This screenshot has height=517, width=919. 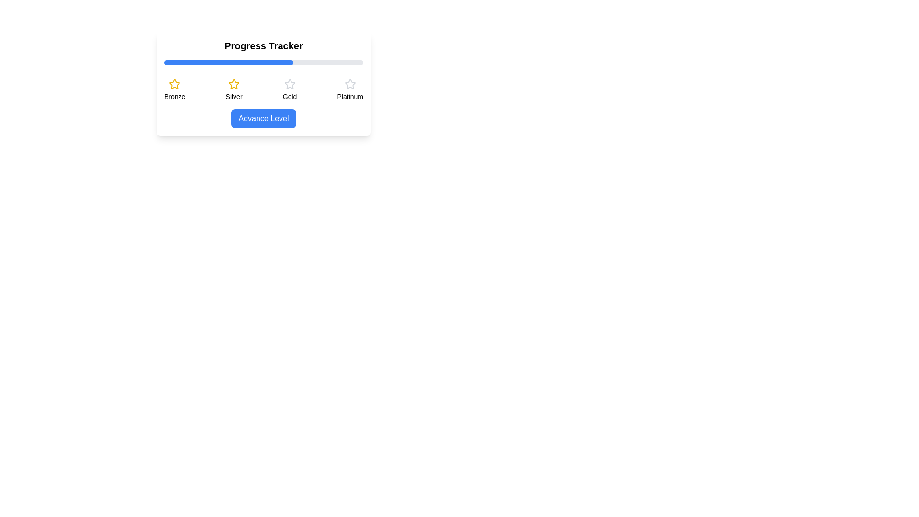 What do you see at coordinates (175, 89) in the screenshot?
I see `the visual state of the labeled indicator component that features a golden star icon and the text label 'Bronze', located at the far left of the horizontal selection menu` at bounding box center [175, 89].